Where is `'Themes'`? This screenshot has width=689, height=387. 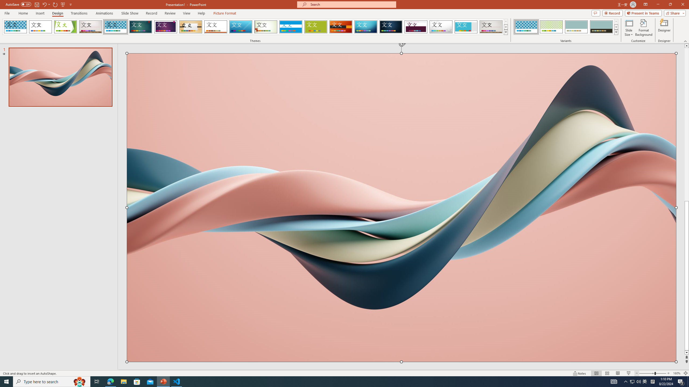 'Themes' is located at coordinates (506, 32).